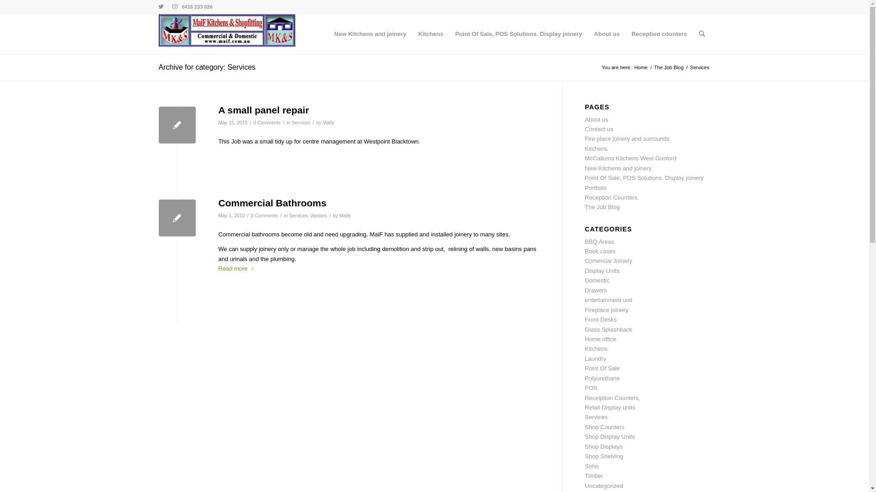 This screenshot has width=876, height=492. I want to click on 'Maify', so click(328, 122).